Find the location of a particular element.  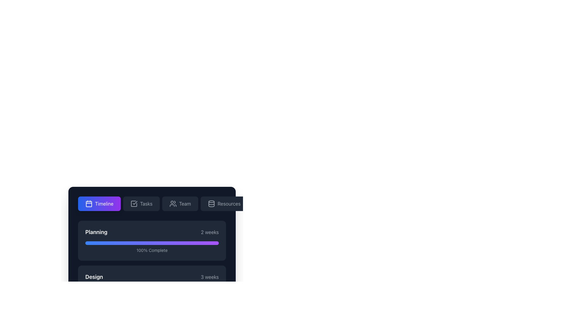

the progress information of the first card-like component in the list, which displays 'Planning' and '2 weeks' with a progress bar indicating '100% Complete' is located at coordinates (152, 240).